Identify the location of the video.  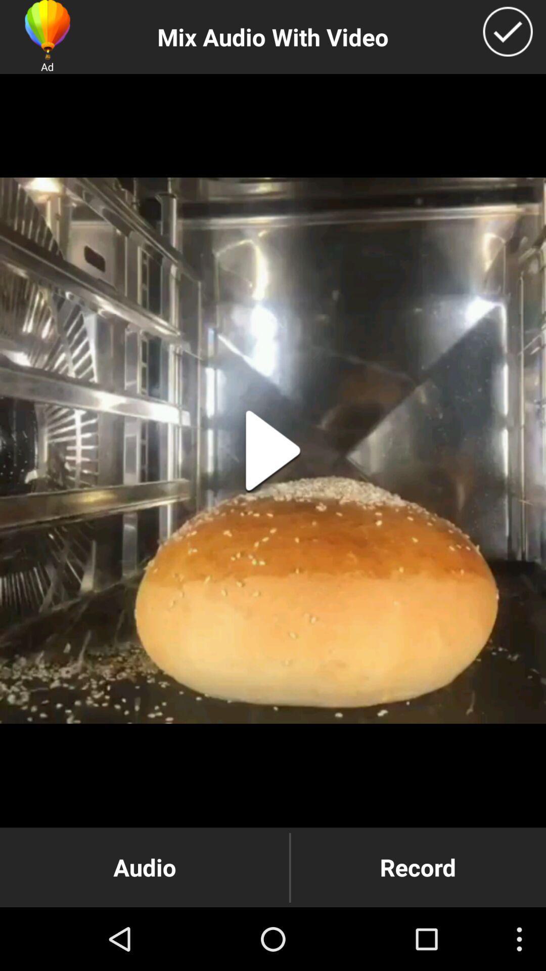
(273, 450).